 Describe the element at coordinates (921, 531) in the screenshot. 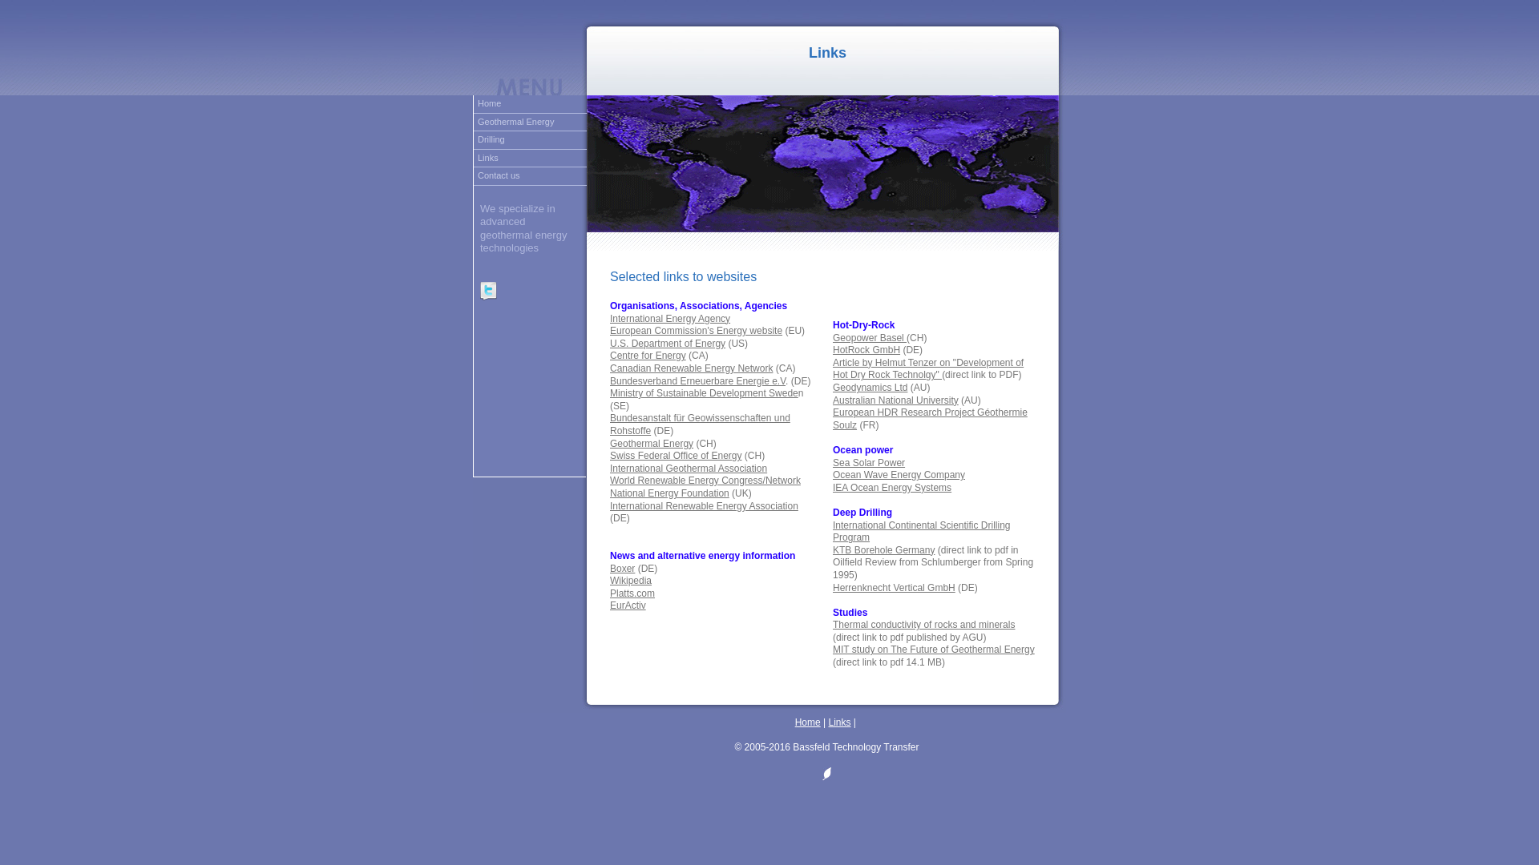

I see `'International Continental Scientific Drilling Program'` at that location.